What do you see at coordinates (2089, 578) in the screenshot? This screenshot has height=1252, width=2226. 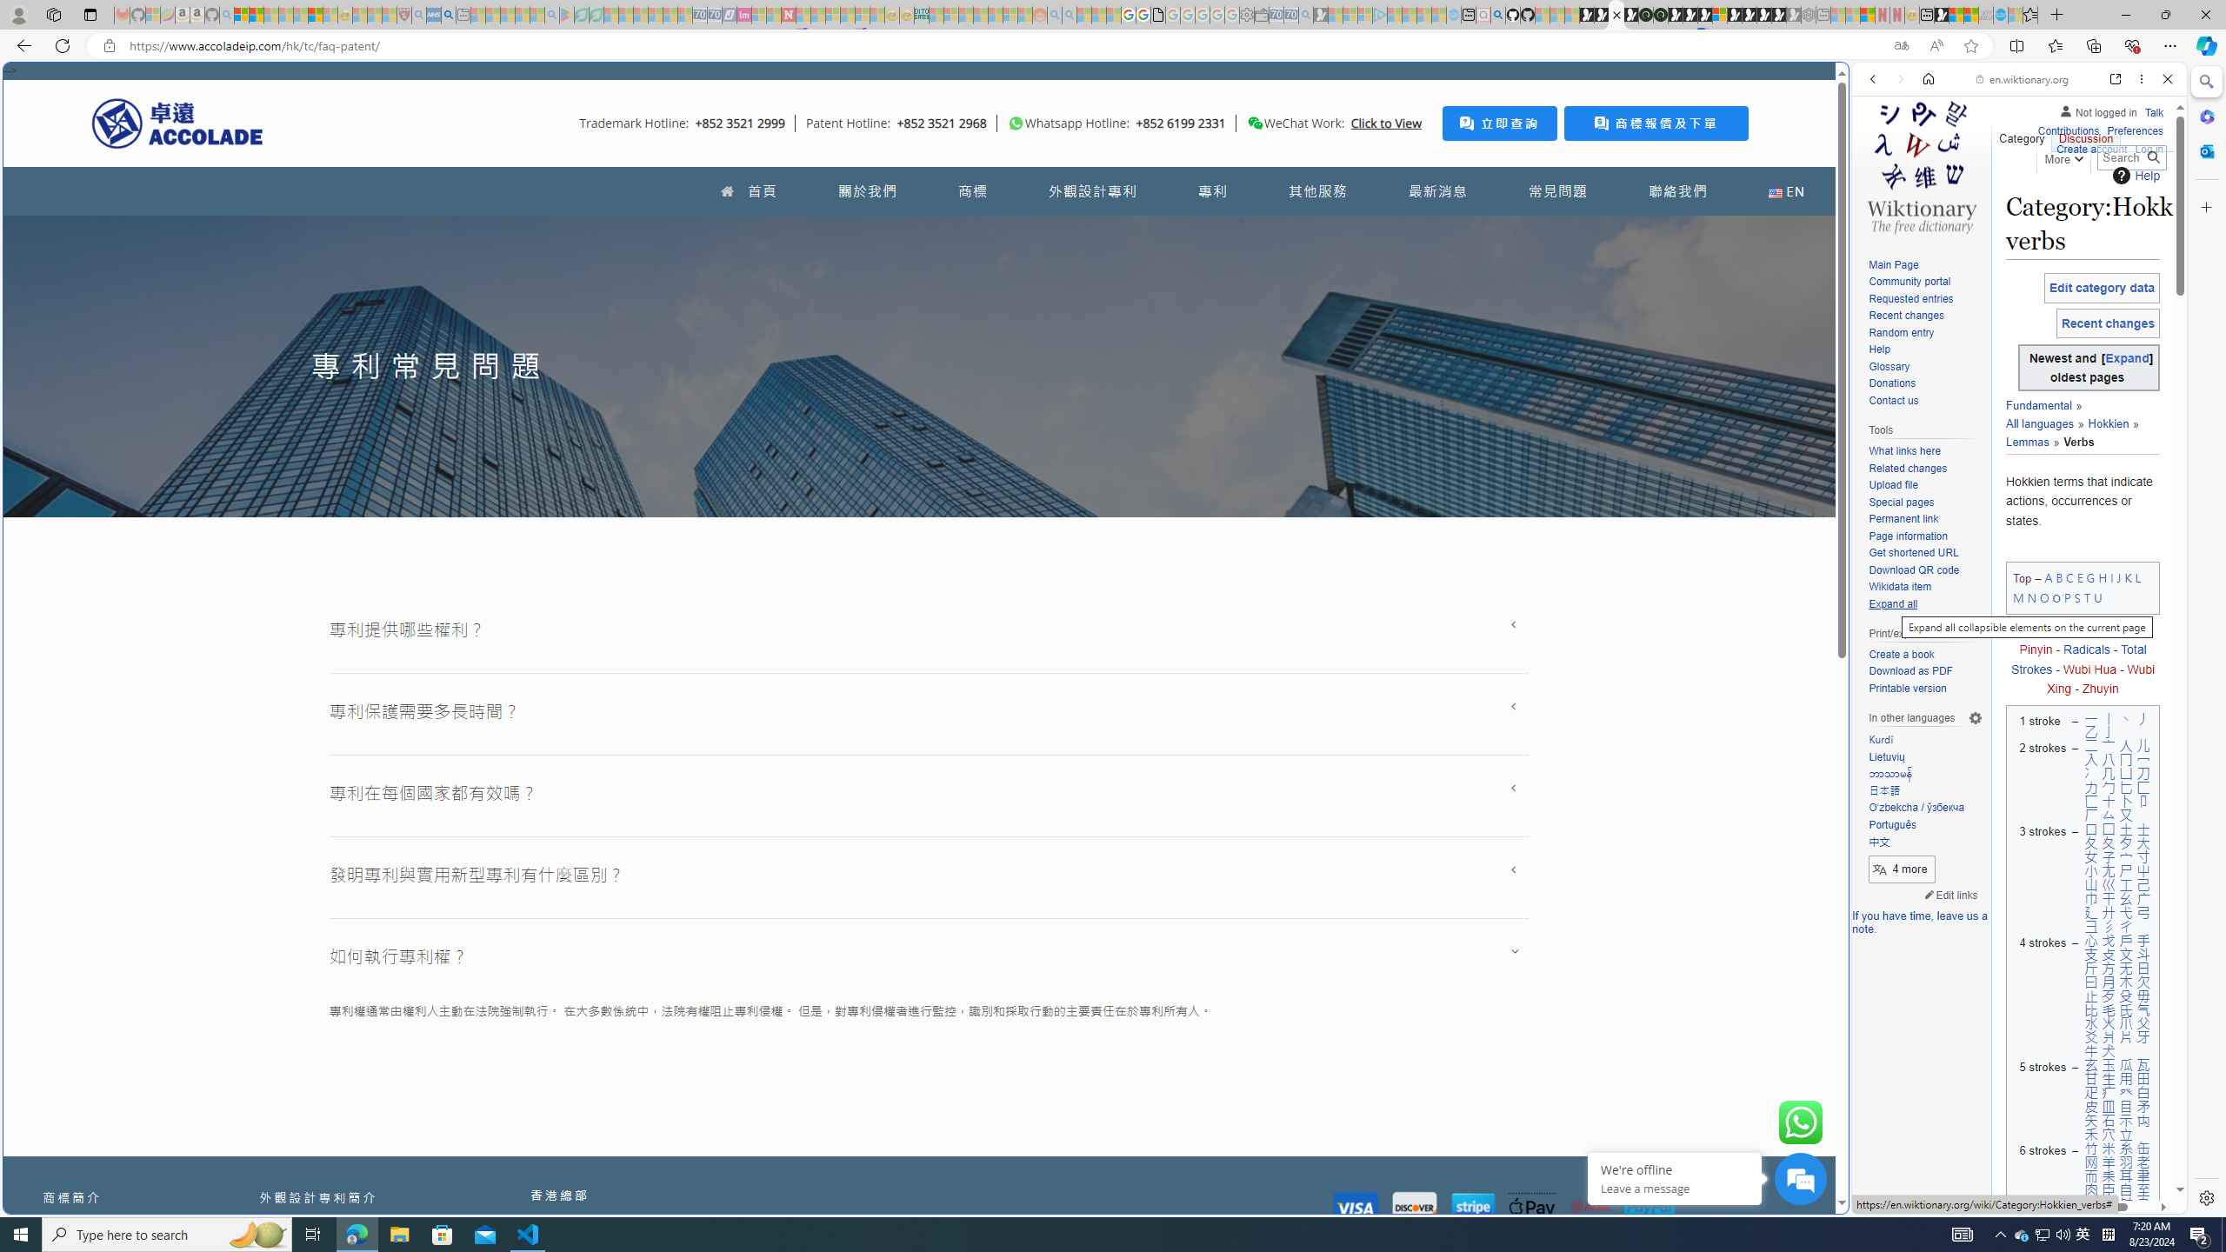 I see `'G'` at bounding box center [2089, 578].